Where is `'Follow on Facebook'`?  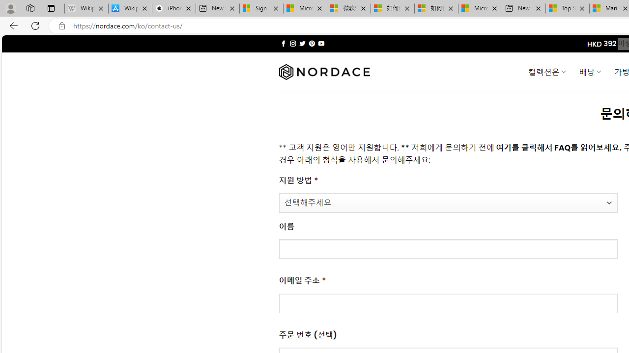
'Follow on Facebook' is located at coordinates (283, 43).